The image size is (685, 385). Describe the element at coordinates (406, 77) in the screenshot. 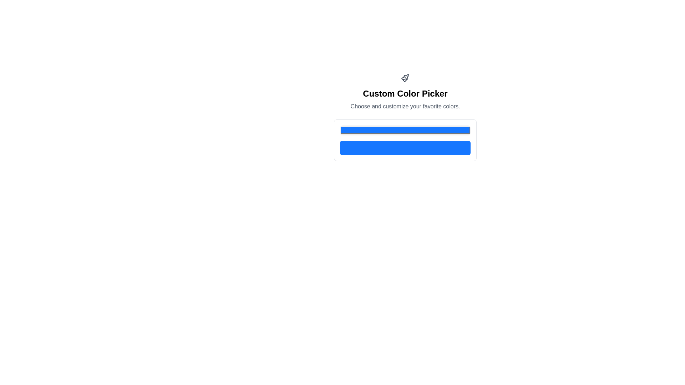

I see `the decorative paintbrush icon located centrally above the 'Custom Color Picker' text label and slightly above the interactive blue buttons` at that location.